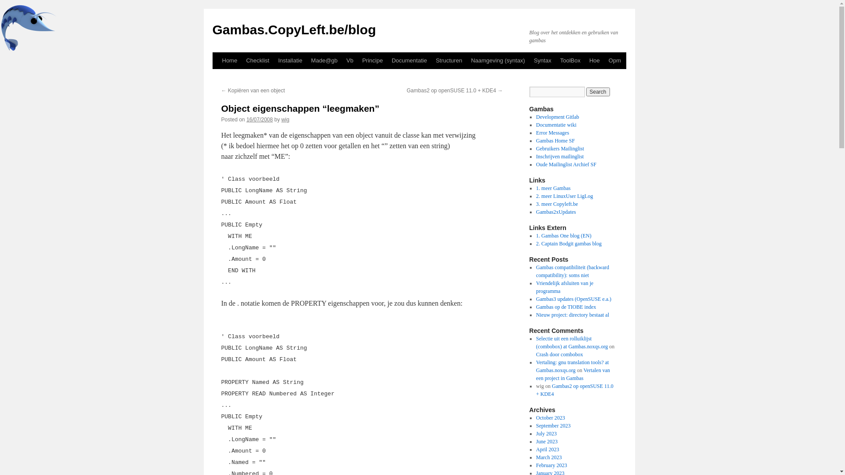 The height and width of the screenshot is (475, 845). Describe the element at coordinates (552, 132) in the screenshot. I see `'Error Messages'` at that location.